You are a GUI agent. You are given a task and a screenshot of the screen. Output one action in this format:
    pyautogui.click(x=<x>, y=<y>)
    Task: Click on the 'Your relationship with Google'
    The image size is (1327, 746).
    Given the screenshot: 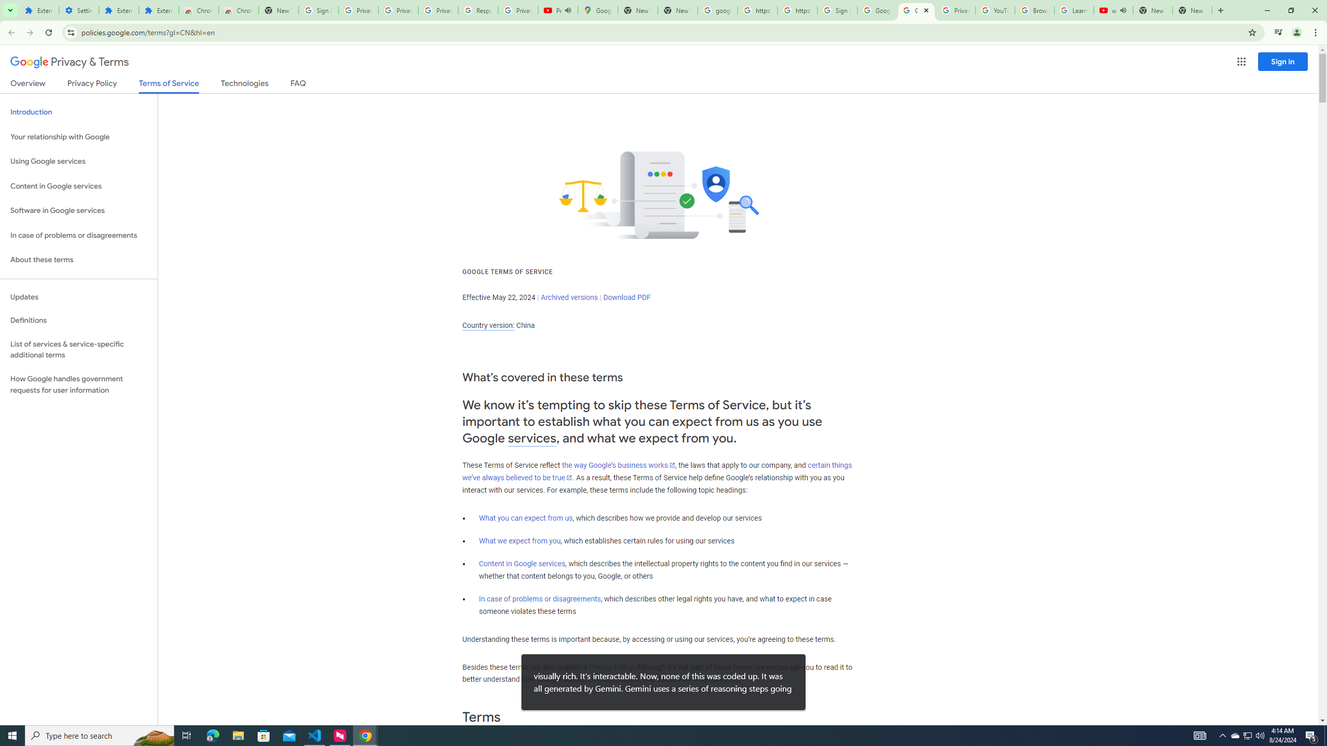 What is the action you would take?
    pyautogui.click(x=78, y=137)
    